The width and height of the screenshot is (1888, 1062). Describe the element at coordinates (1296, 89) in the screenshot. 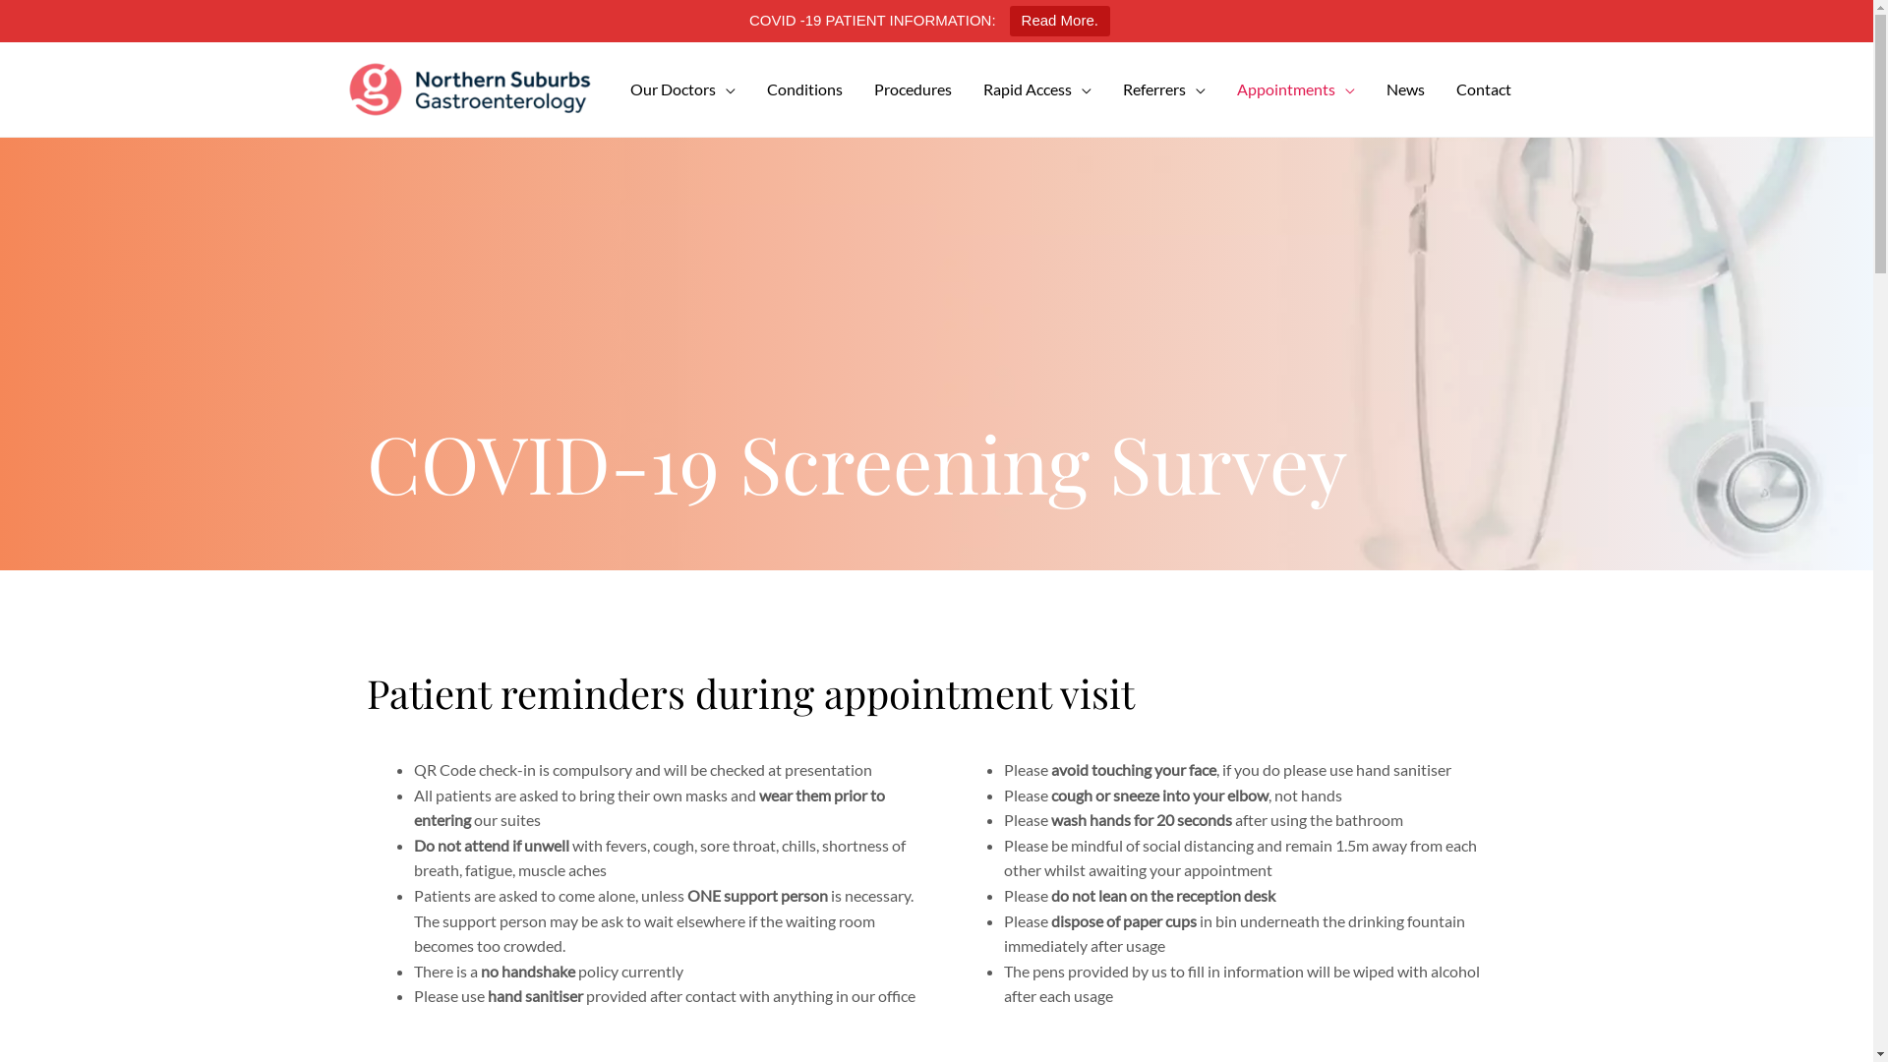

I see `'Appointments'` at that location.